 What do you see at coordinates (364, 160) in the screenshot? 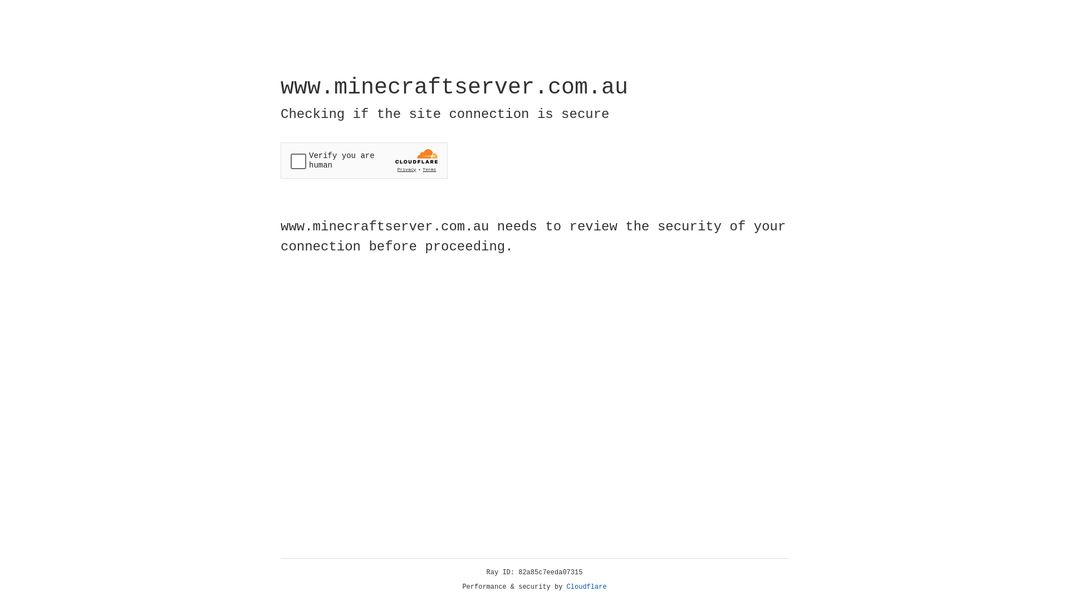
I see `'Widget containing a Cloudflare security challenge'` at bounding box center [364, 160].